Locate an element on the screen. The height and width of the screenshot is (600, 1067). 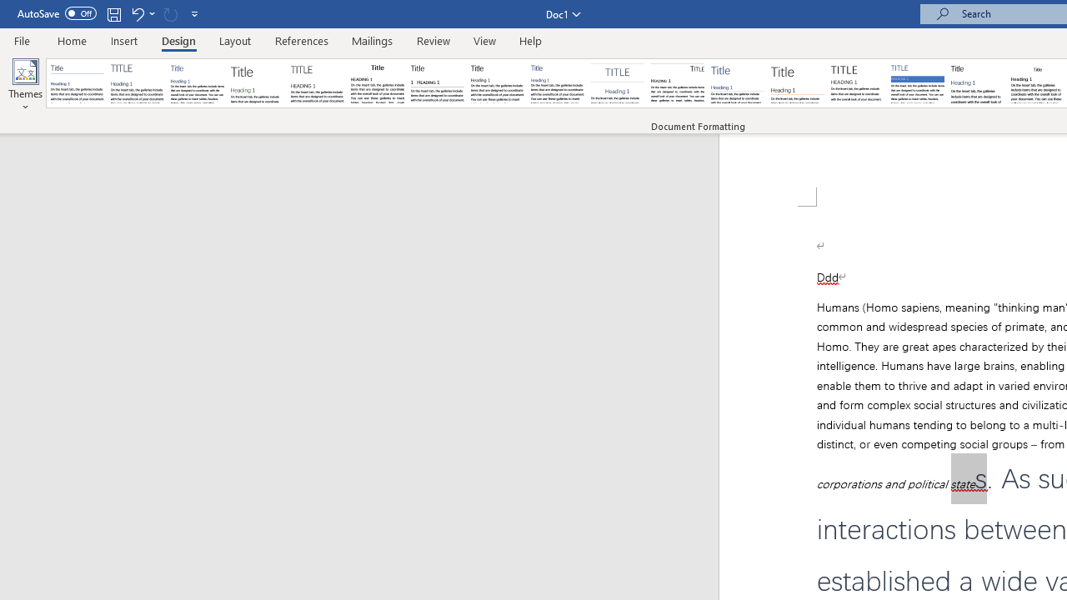
'Black & White (Numbered)' is located at coordinates (437, 83).